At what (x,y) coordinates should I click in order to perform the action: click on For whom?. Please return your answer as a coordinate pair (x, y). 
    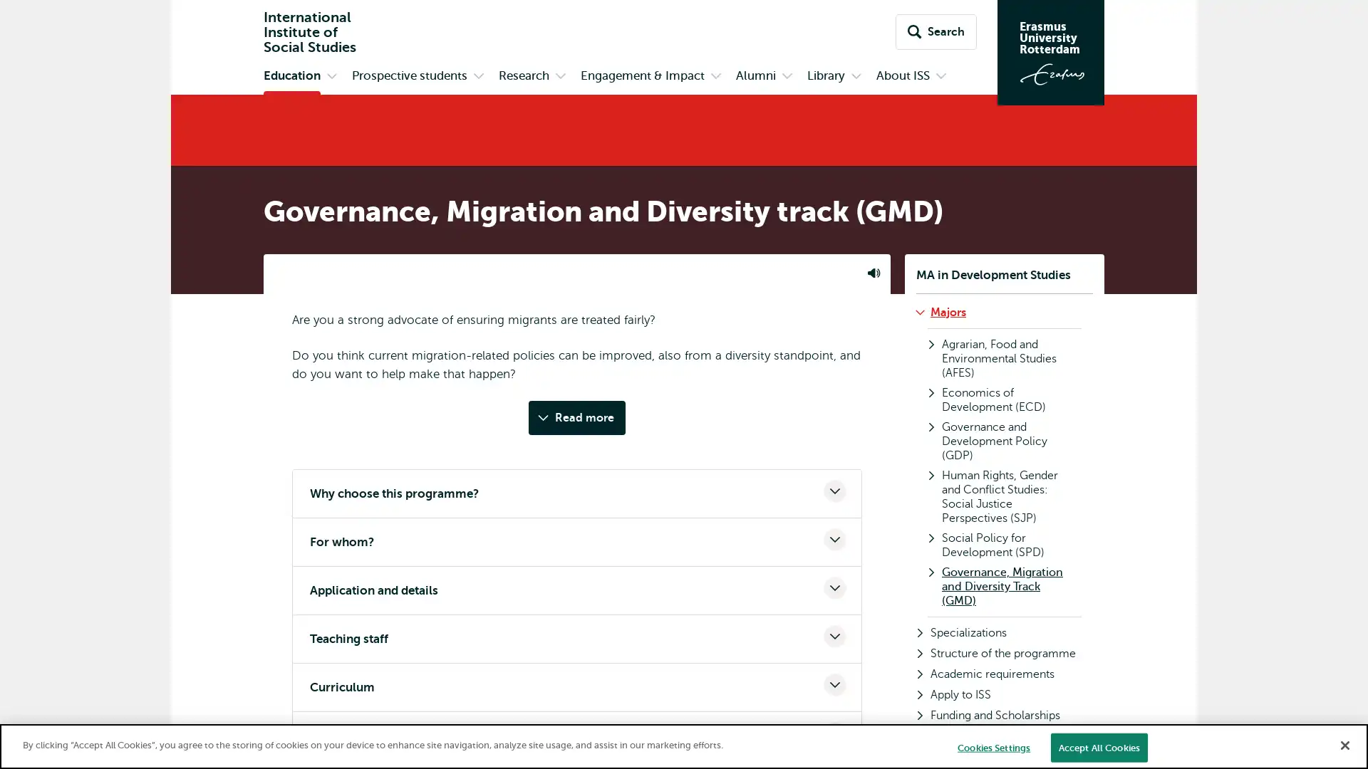
    Looking at the image, I should click on (577, 542).